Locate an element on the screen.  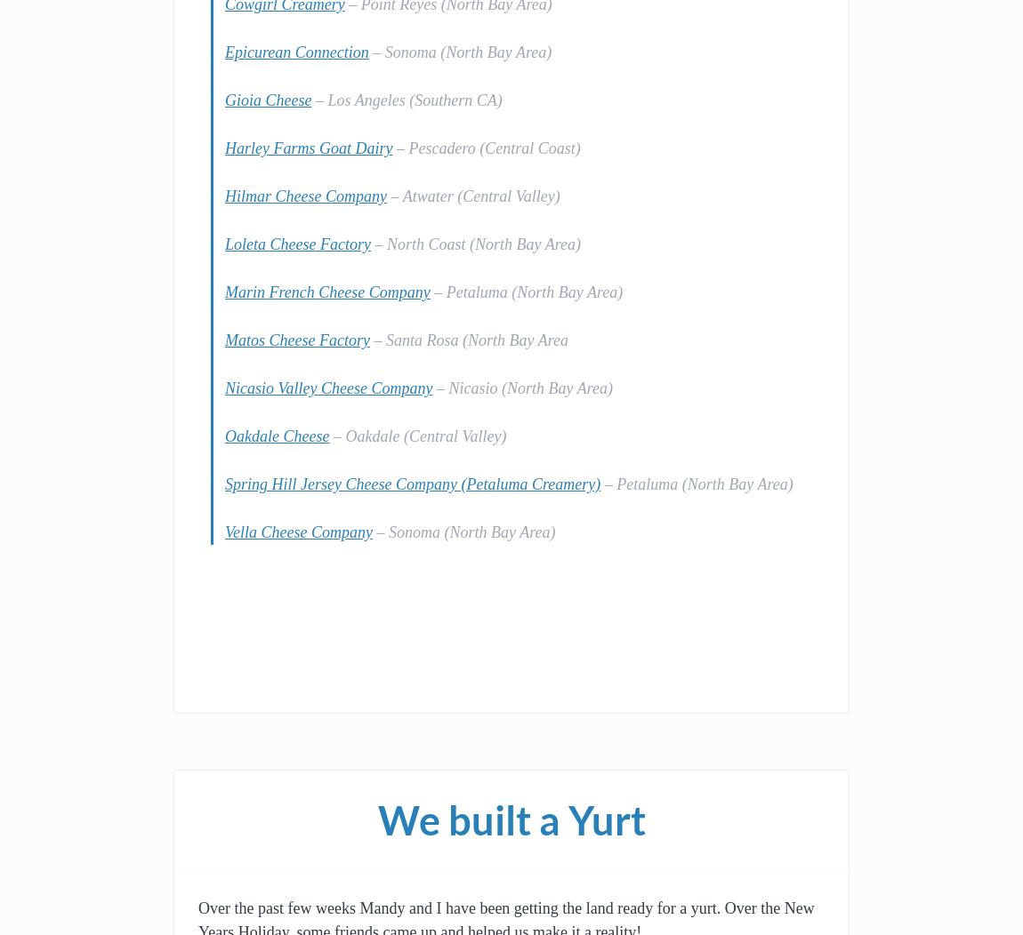
'– Pescadero (Central Coast)' is located at coordinates (486, 147).